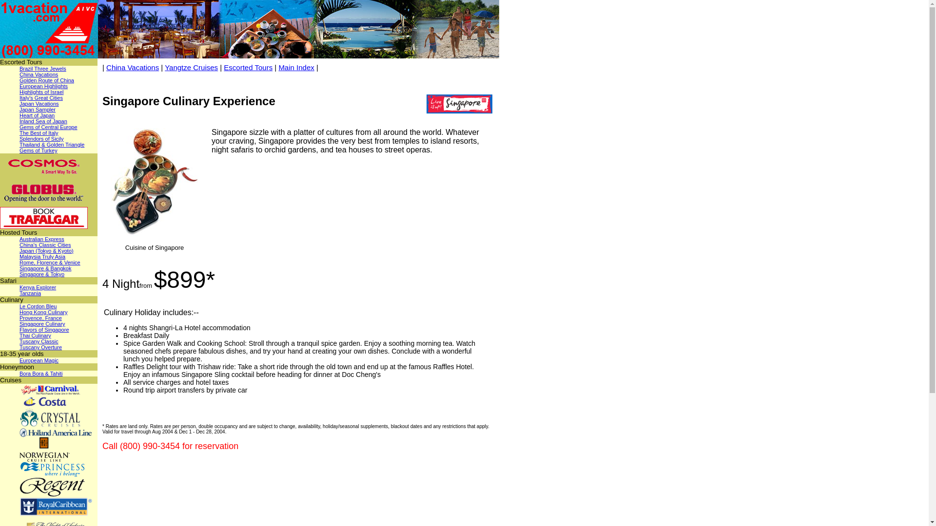 This screenshot has height=526, width=936. I want to click on 'China's Classic Cities', so click(44, 244).